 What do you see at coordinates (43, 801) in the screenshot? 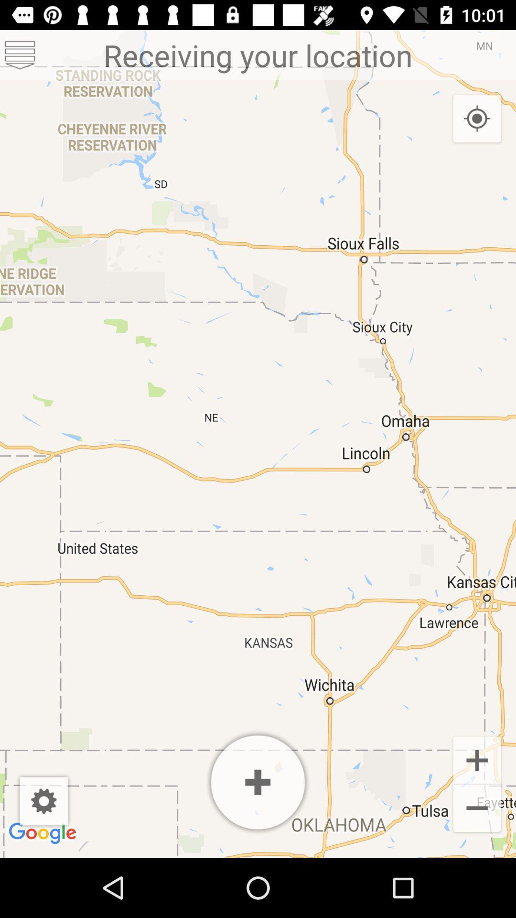
I see `app below the receiving your location icon` at bounding box center [43, 801].